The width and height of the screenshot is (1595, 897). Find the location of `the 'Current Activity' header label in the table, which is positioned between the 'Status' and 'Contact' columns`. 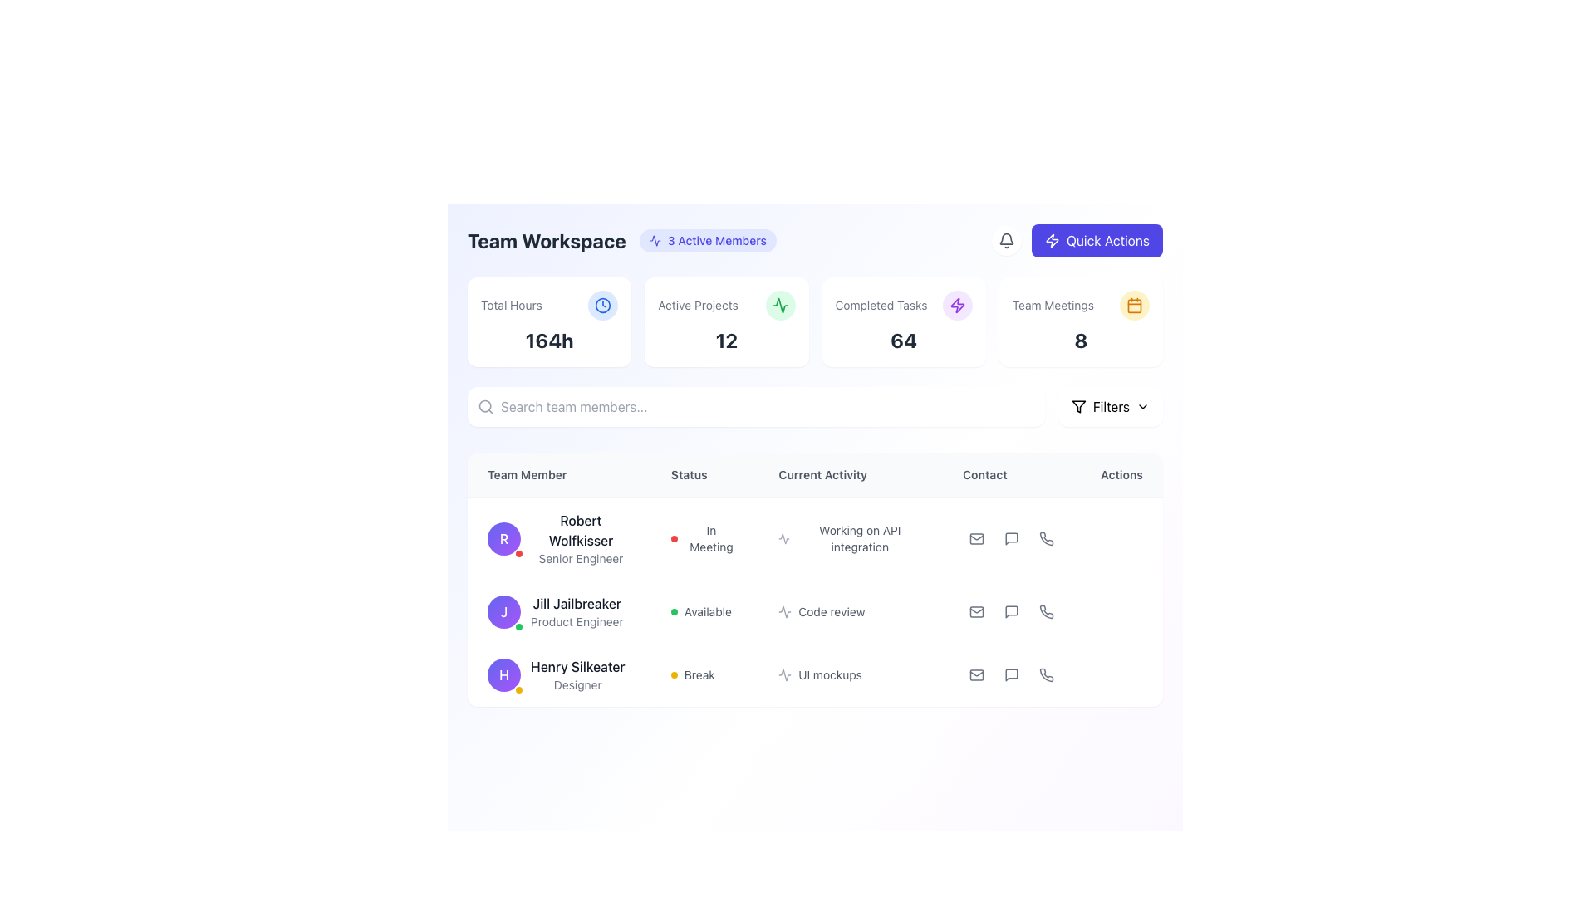

the 'Current Activity' header label in the table, which is positioned between the 'Status' and 'Contact' columns is located at coordinates (851, 475).